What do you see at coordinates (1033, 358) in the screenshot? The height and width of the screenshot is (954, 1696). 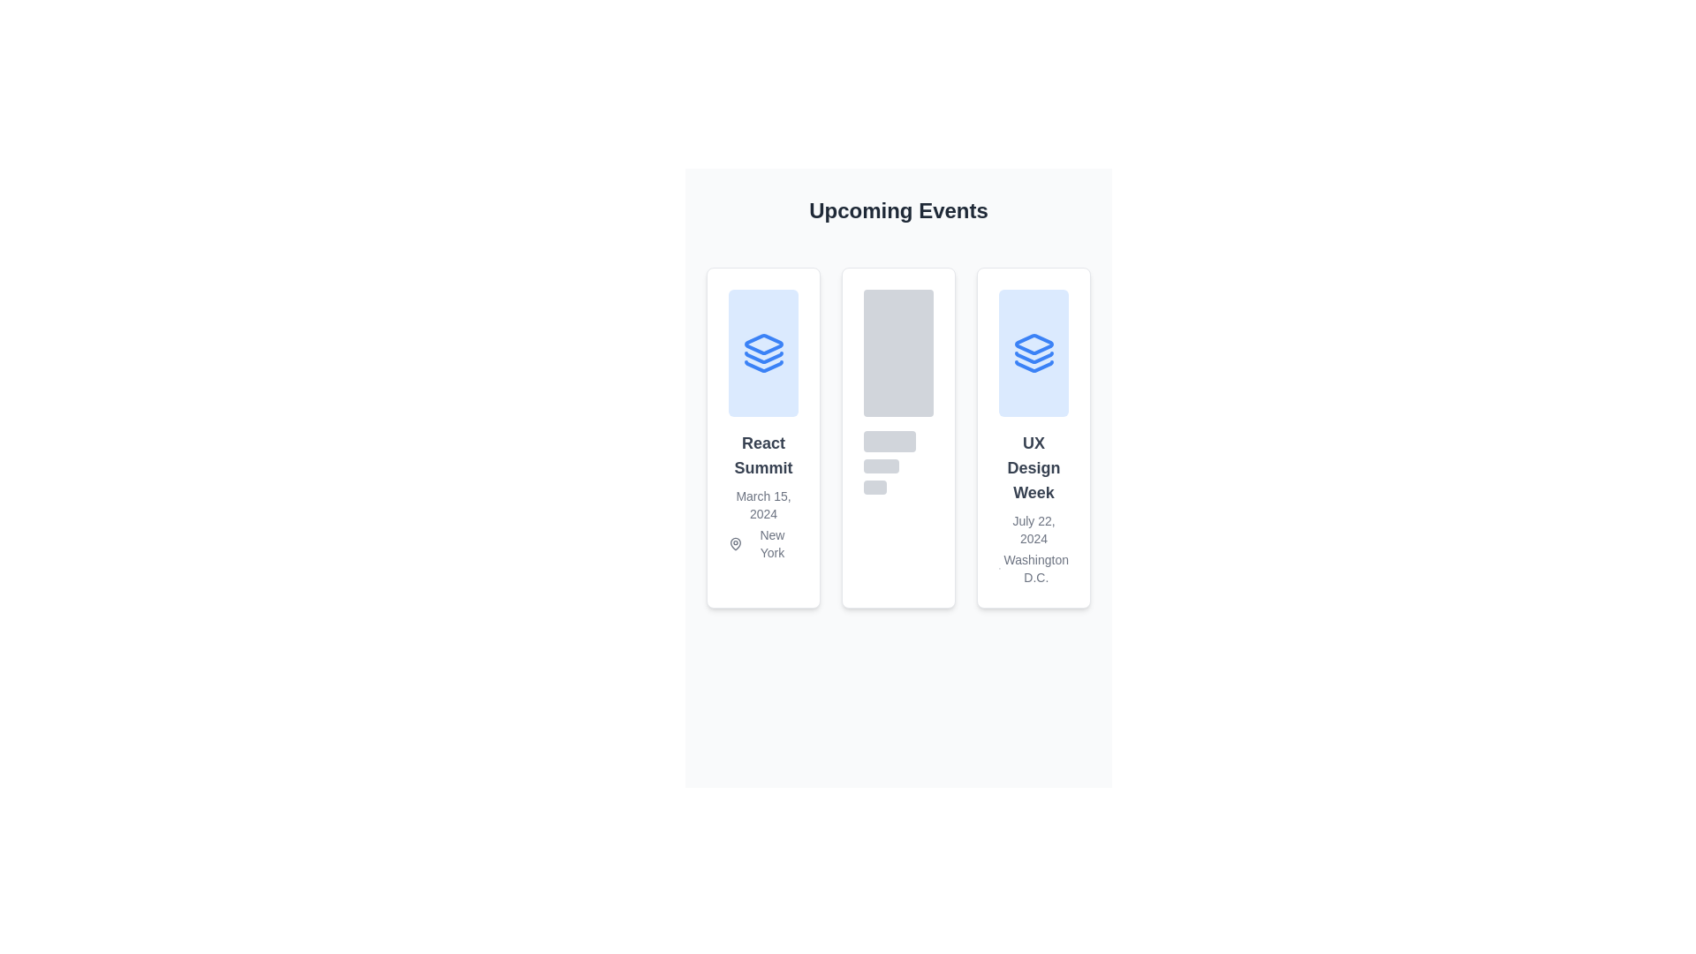 I see `the middle layer of the layered-icon graphic within the blue-and-white themed card on the right side of the three-card layout under 'UX Design Week'` at bounding box center [1033, 358].